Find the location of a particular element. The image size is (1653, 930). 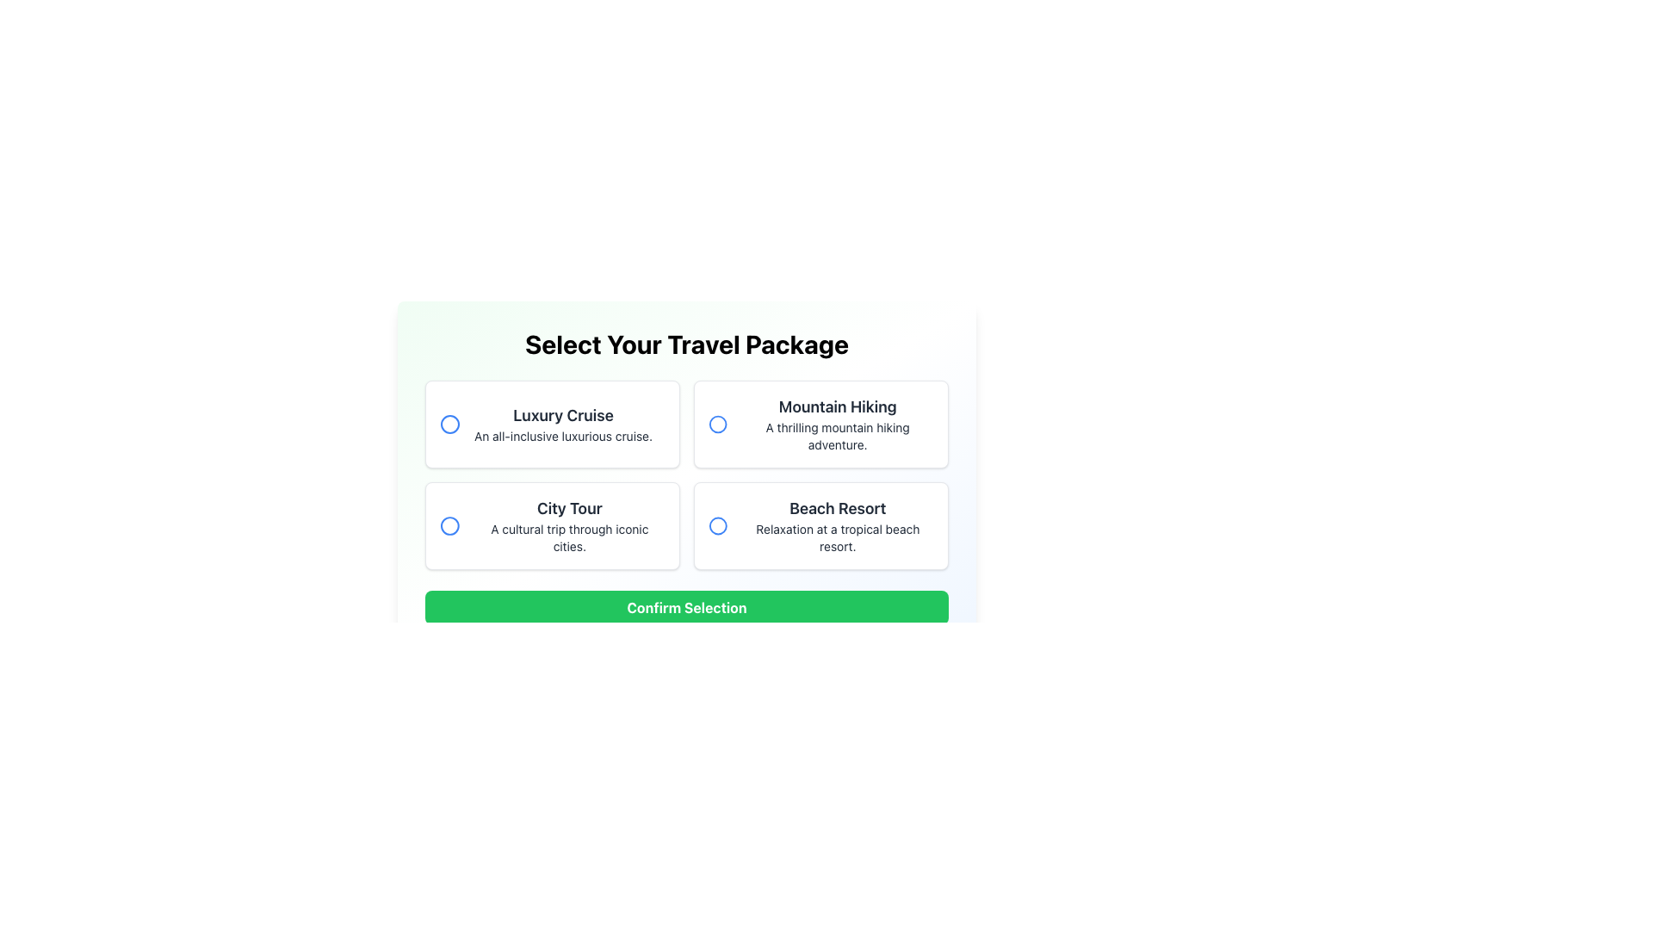

the circular radio button indicator for the 'Mountain Hiking' option is located at coordinates (718, 425).